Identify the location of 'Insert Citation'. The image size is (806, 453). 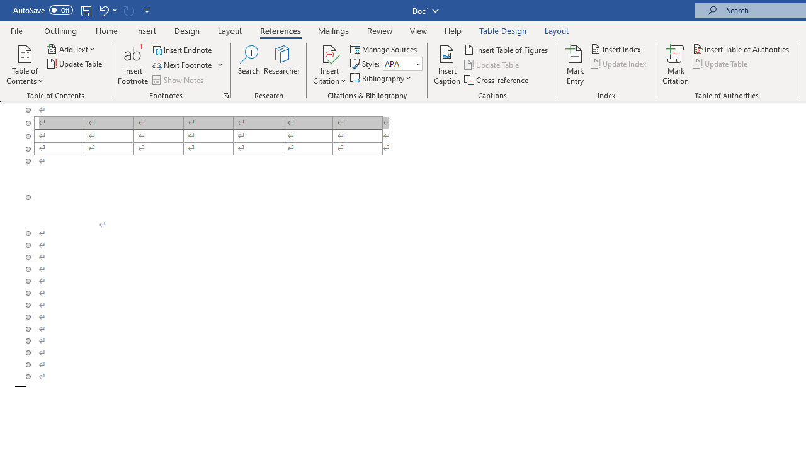
(330, 65).